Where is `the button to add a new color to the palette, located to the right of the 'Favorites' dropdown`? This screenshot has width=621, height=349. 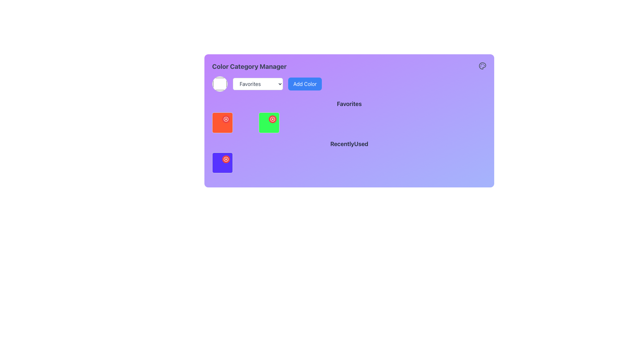 the button to add a new color to the palette, located to the right of the 'Favorites' dropdown is located at coordinates (305, 83).